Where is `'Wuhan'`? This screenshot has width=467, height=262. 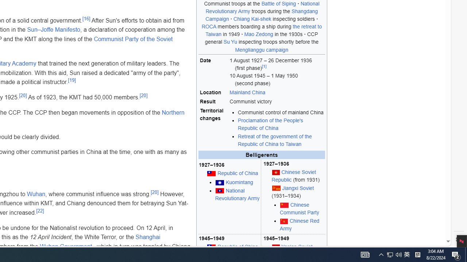 'Wuhan' is located at coordinates (36, 194).